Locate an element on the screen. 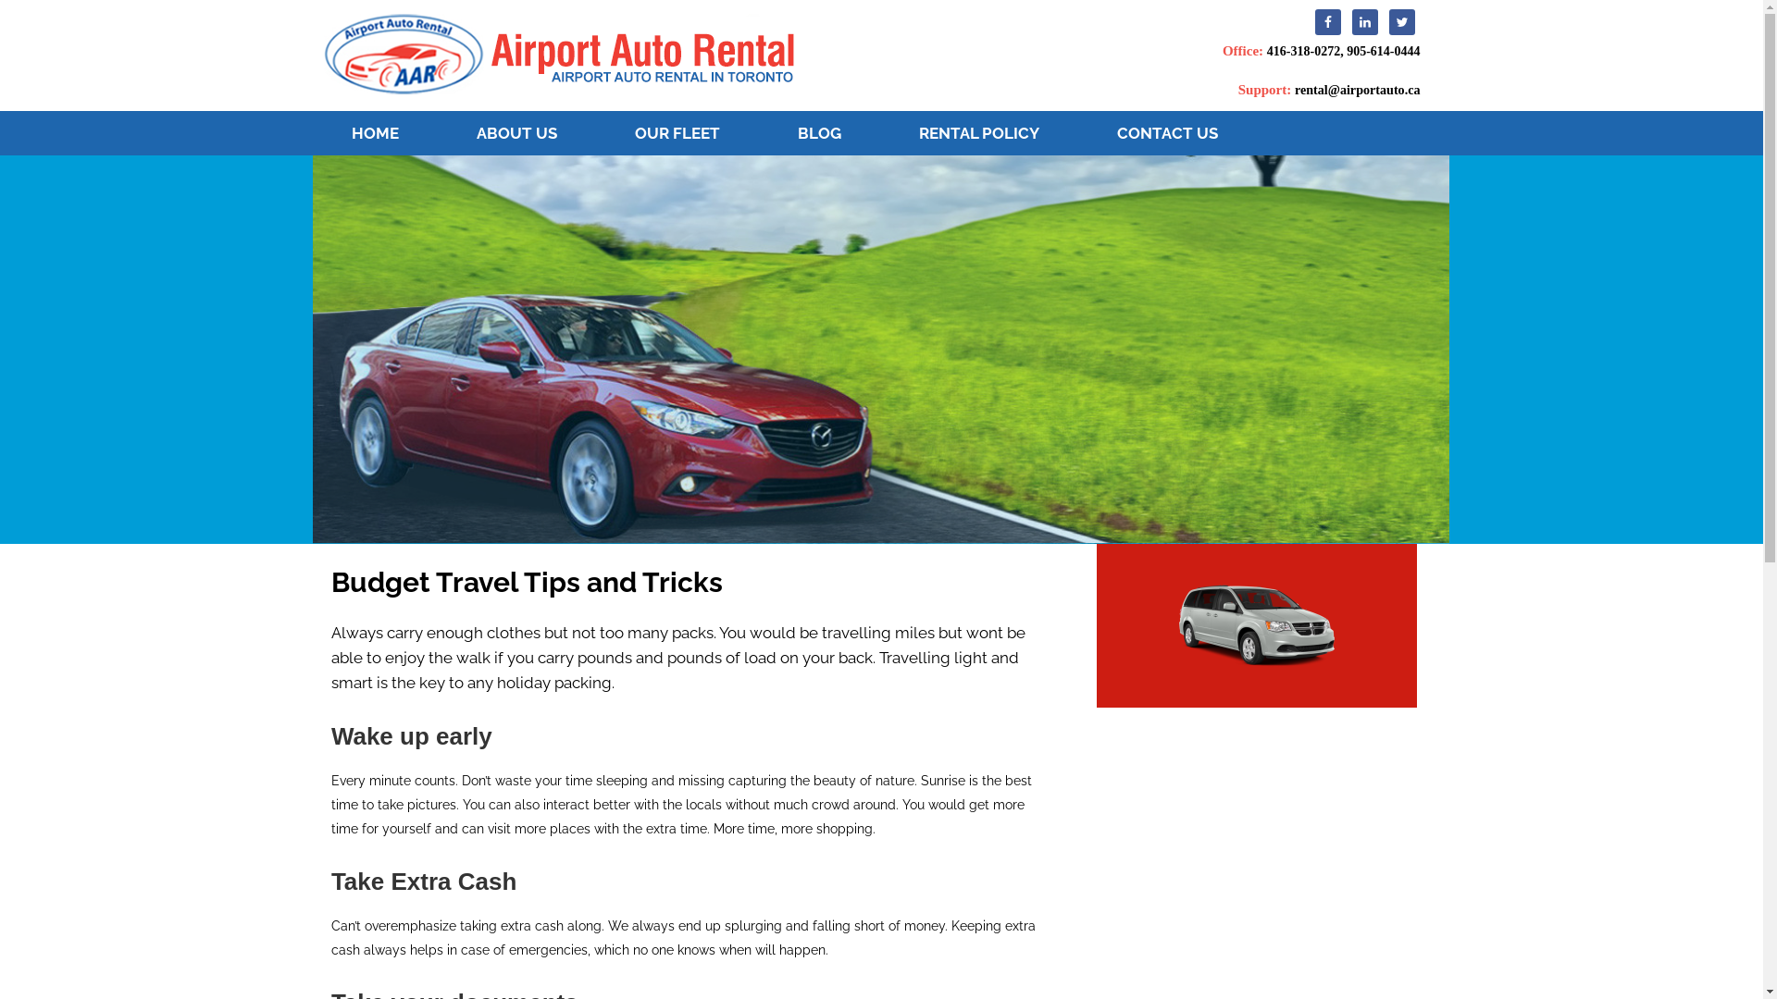 Image resolution: width=1777 pixels, height=999 pixels. 'OUR FLEET' is located at coordinates (676, 131).